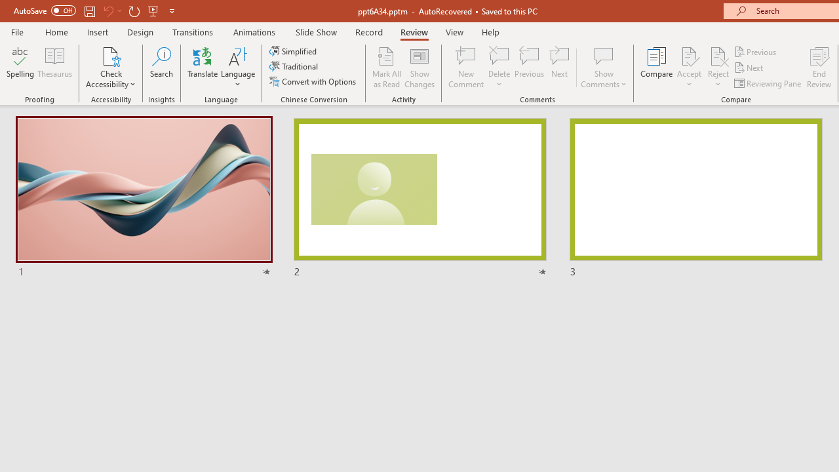 The width and height of the screenshot is (839, 472). I want to click on 'Show Comments', so click(603, 55).